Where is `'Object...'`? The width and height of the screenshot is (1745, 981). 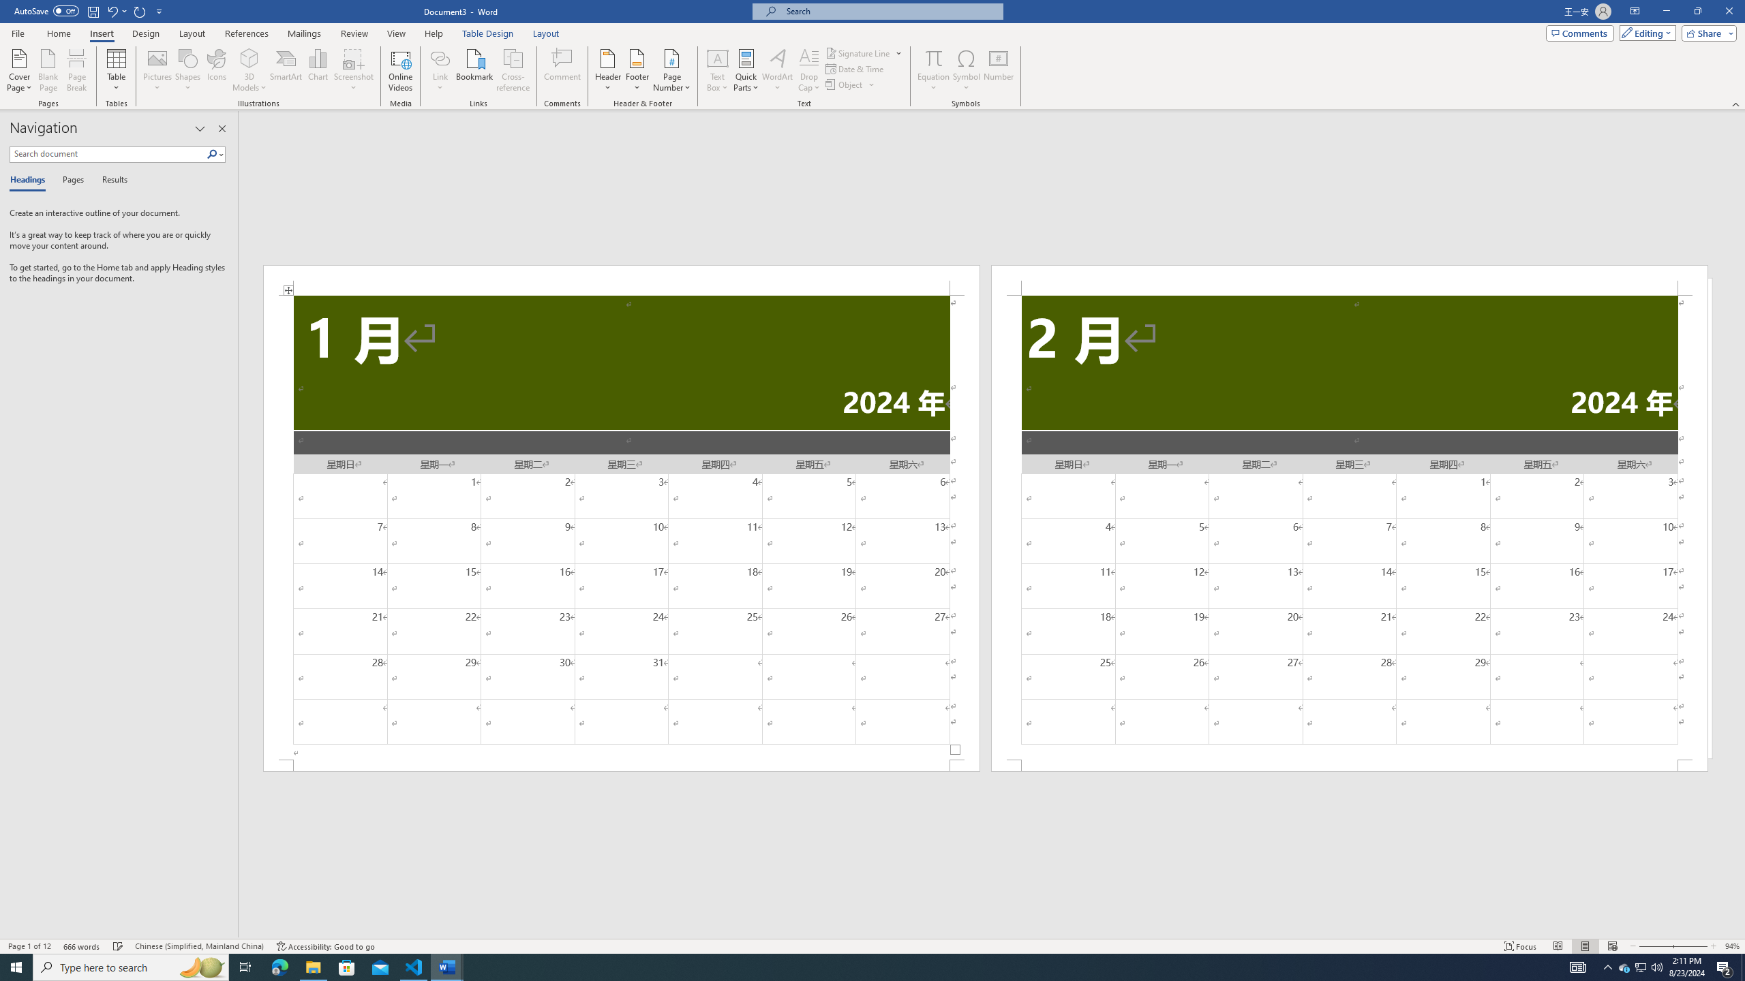
'Object...' is located at coordinates (850, 83).